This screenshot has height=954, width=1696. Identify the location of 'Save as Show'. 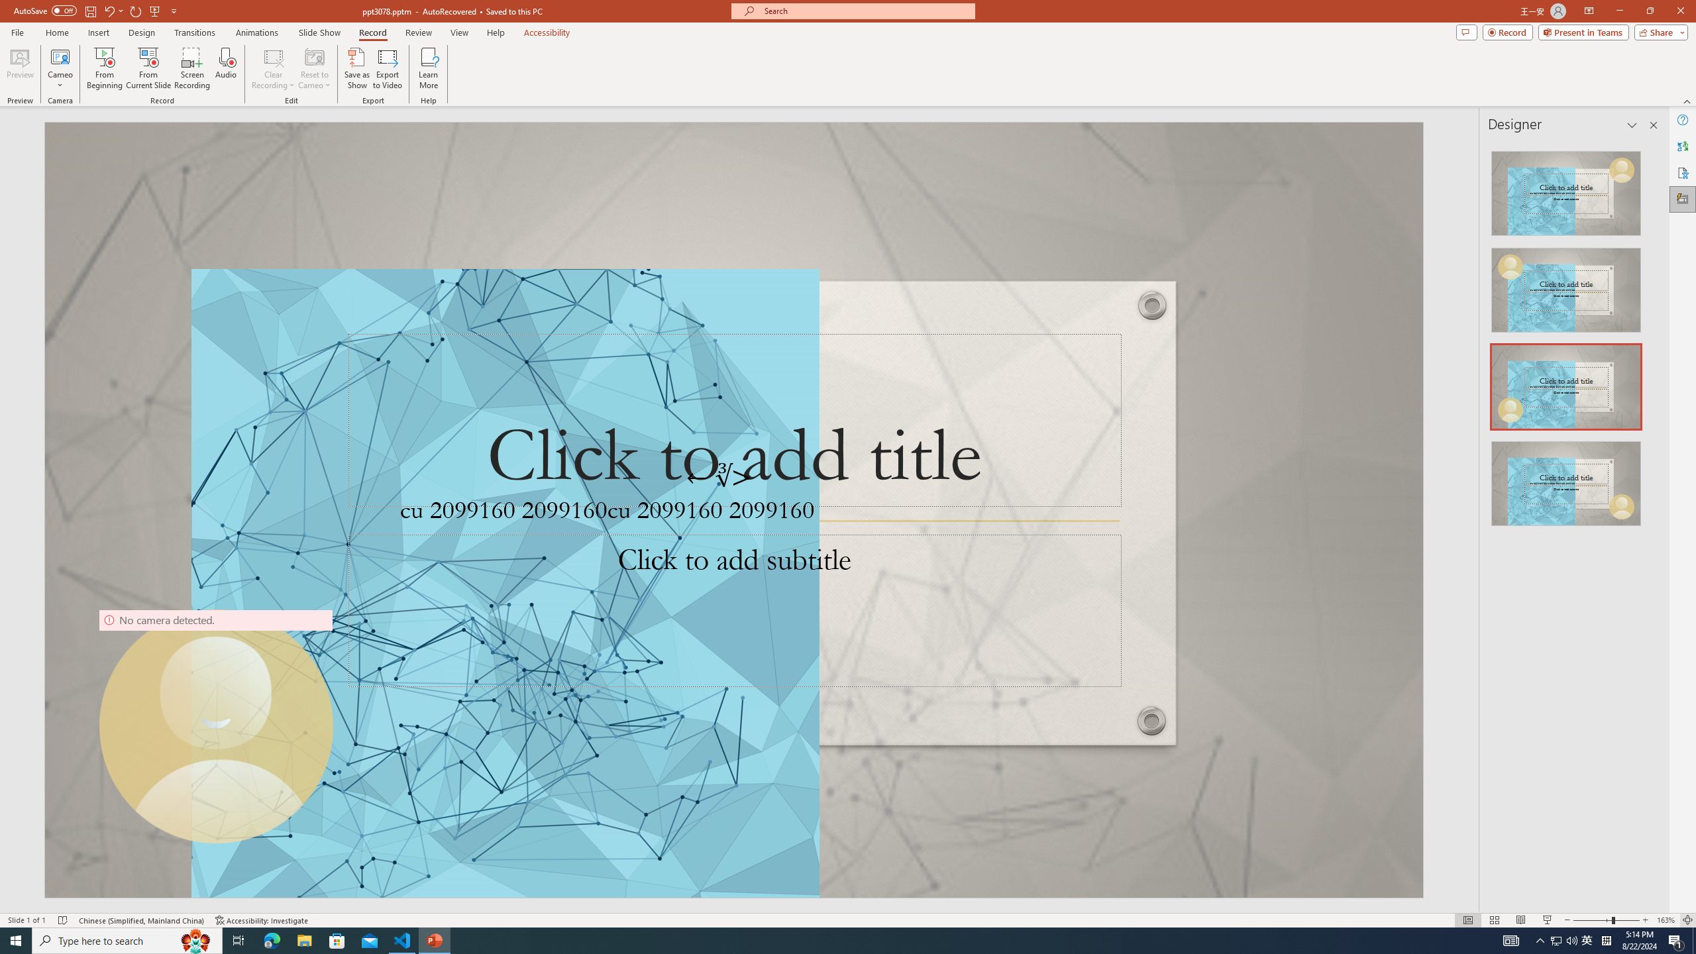
(356, 68).